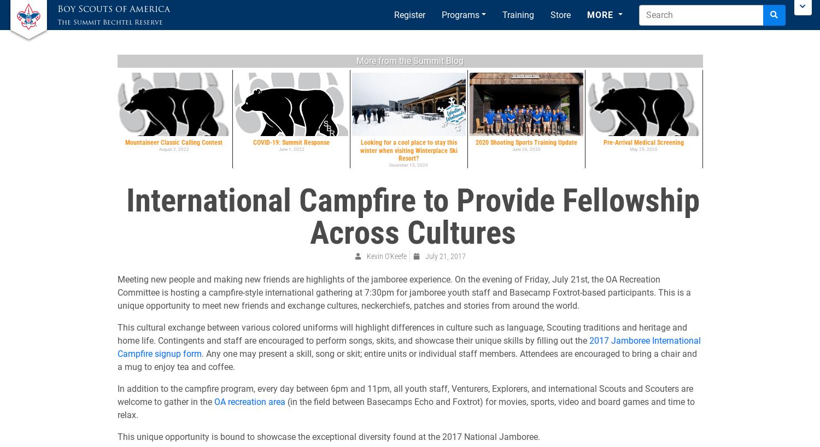  What do you see at coordinates (173, 143) in the screenshot?
I see `'Mountaineer Classic Calling Contest'` at bounding box center [173, 143].